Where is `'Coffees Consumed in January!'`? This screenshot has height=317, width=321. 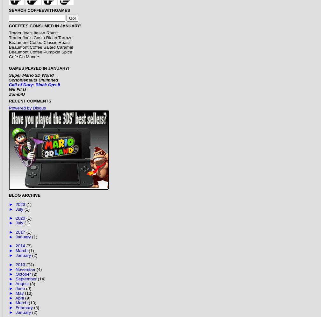
'Coffees Consumed in January!' is located at coordinates (45, 25).